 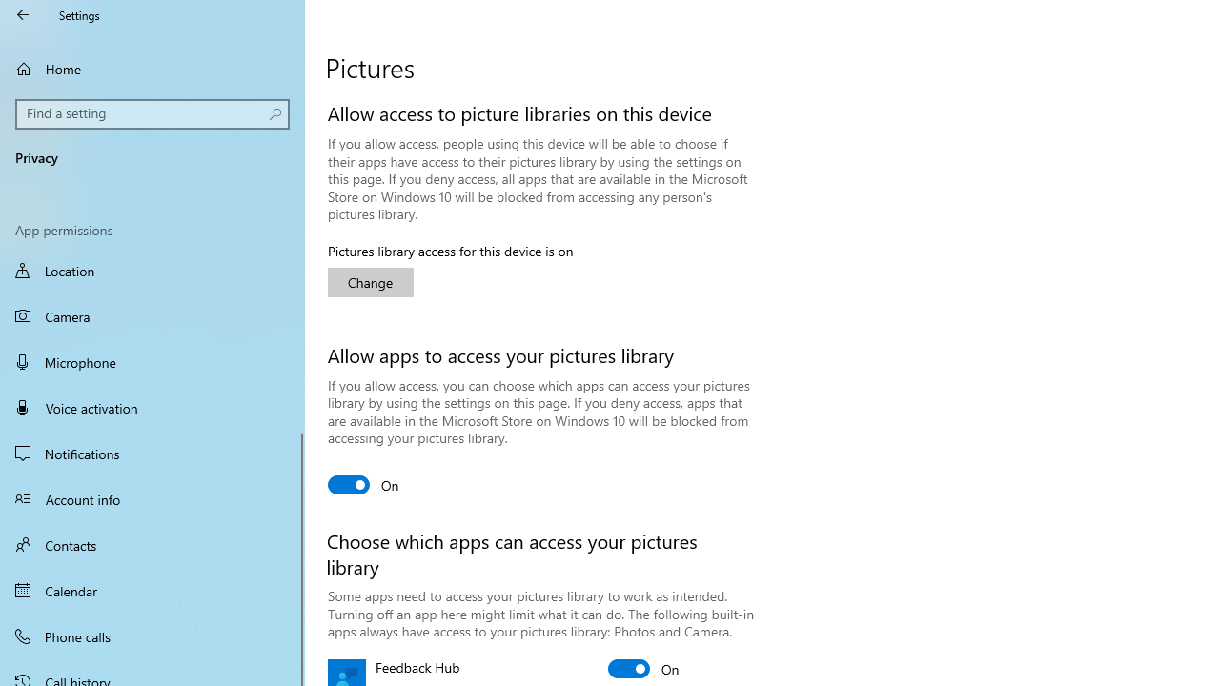 I want to click on 'Account info', so click(x=152, y=497).